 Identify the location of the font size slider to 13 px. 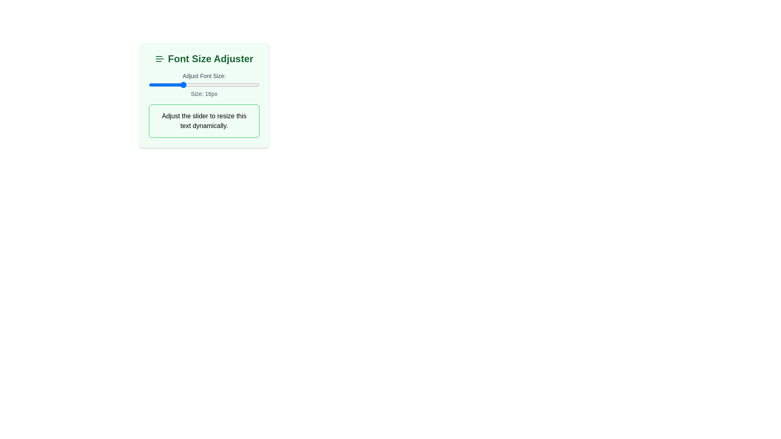
(165, 85).